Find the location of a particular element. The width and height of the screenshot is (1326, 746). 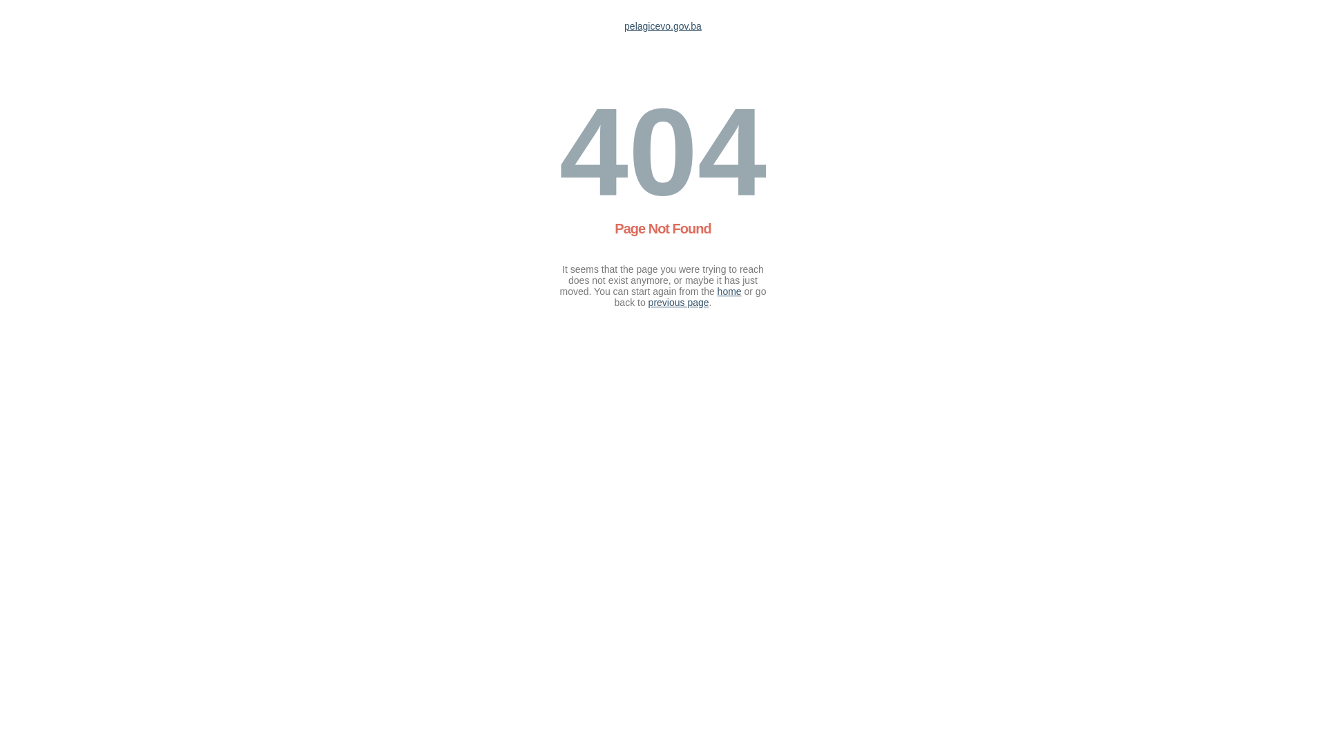

'home' is located at coordinates (729, 290).